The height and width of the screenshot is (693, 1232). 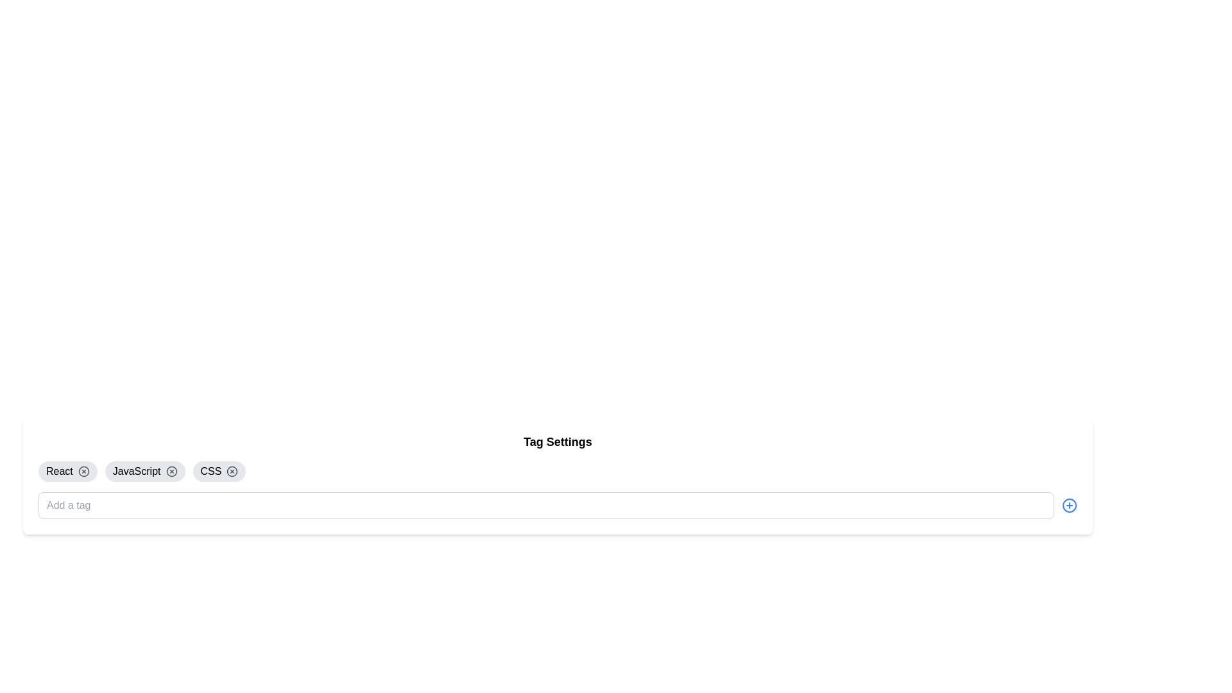 What do you see at coordinates (137, 472) in the screenshot?
I see `the text label displaying 'JavaScript' which is bold and medium-sized, located to the right of the 'React' tag in the 'Tag Settings' section` at bounding box center [137, 472].